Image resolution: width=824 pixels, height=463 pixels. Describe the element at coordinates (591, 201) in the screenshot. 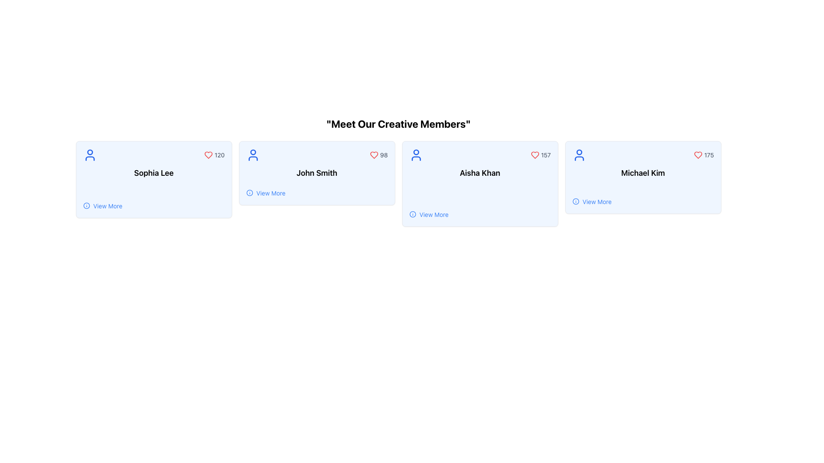

I see `the hyperlink located at the bottom-left corner of the card containing the name 'Michael Kim'` at that location.